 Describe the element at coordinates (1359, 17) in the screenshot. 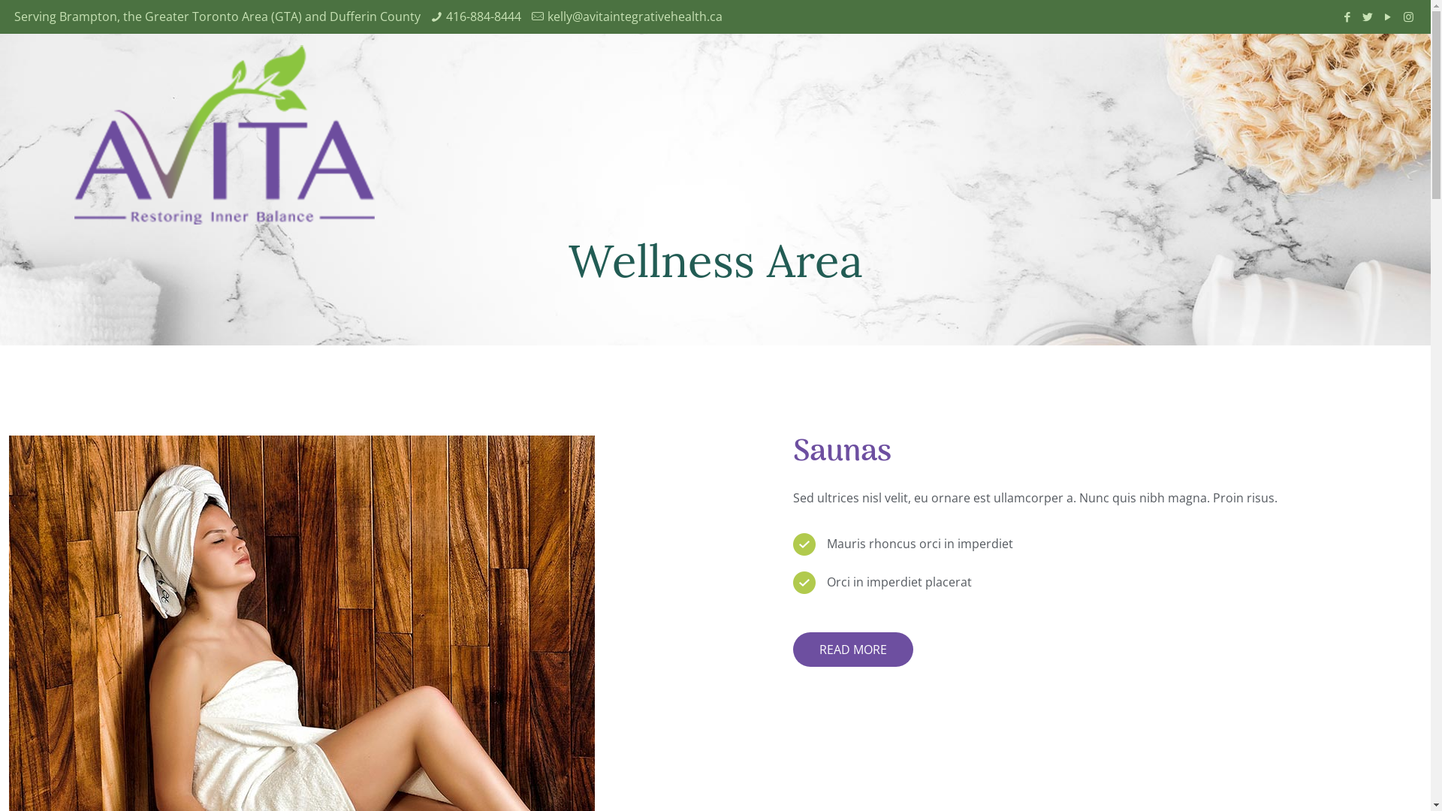

I see `'Twitter'` at that location.